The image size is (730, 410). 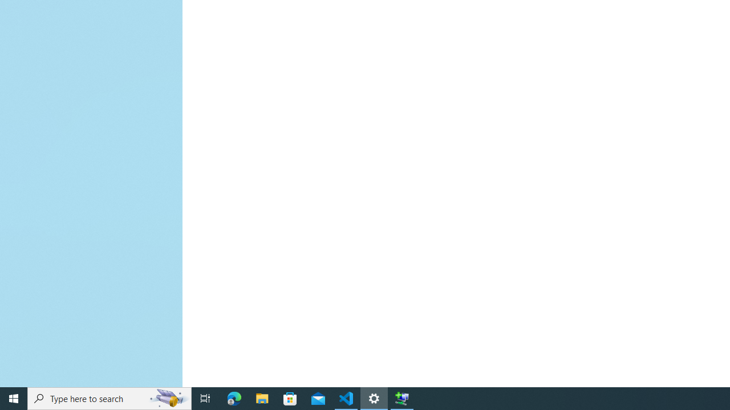 I want to click on 'Search highlights icon opens search home window', so click(x=168, y=397).